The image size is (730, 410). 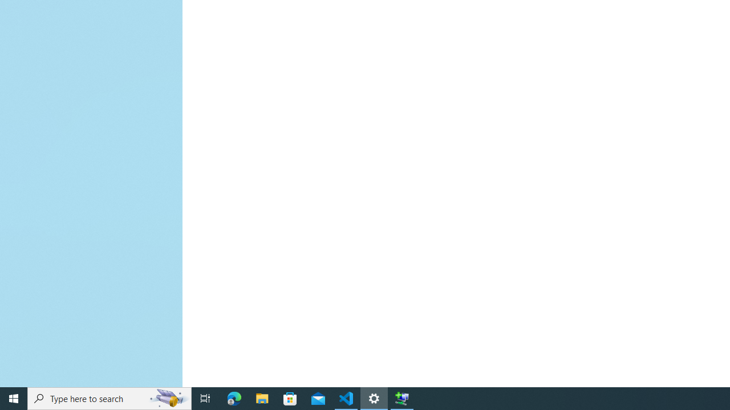 I want to click on 'Search highlights icon opens search home window', so click(x=168, y=397).